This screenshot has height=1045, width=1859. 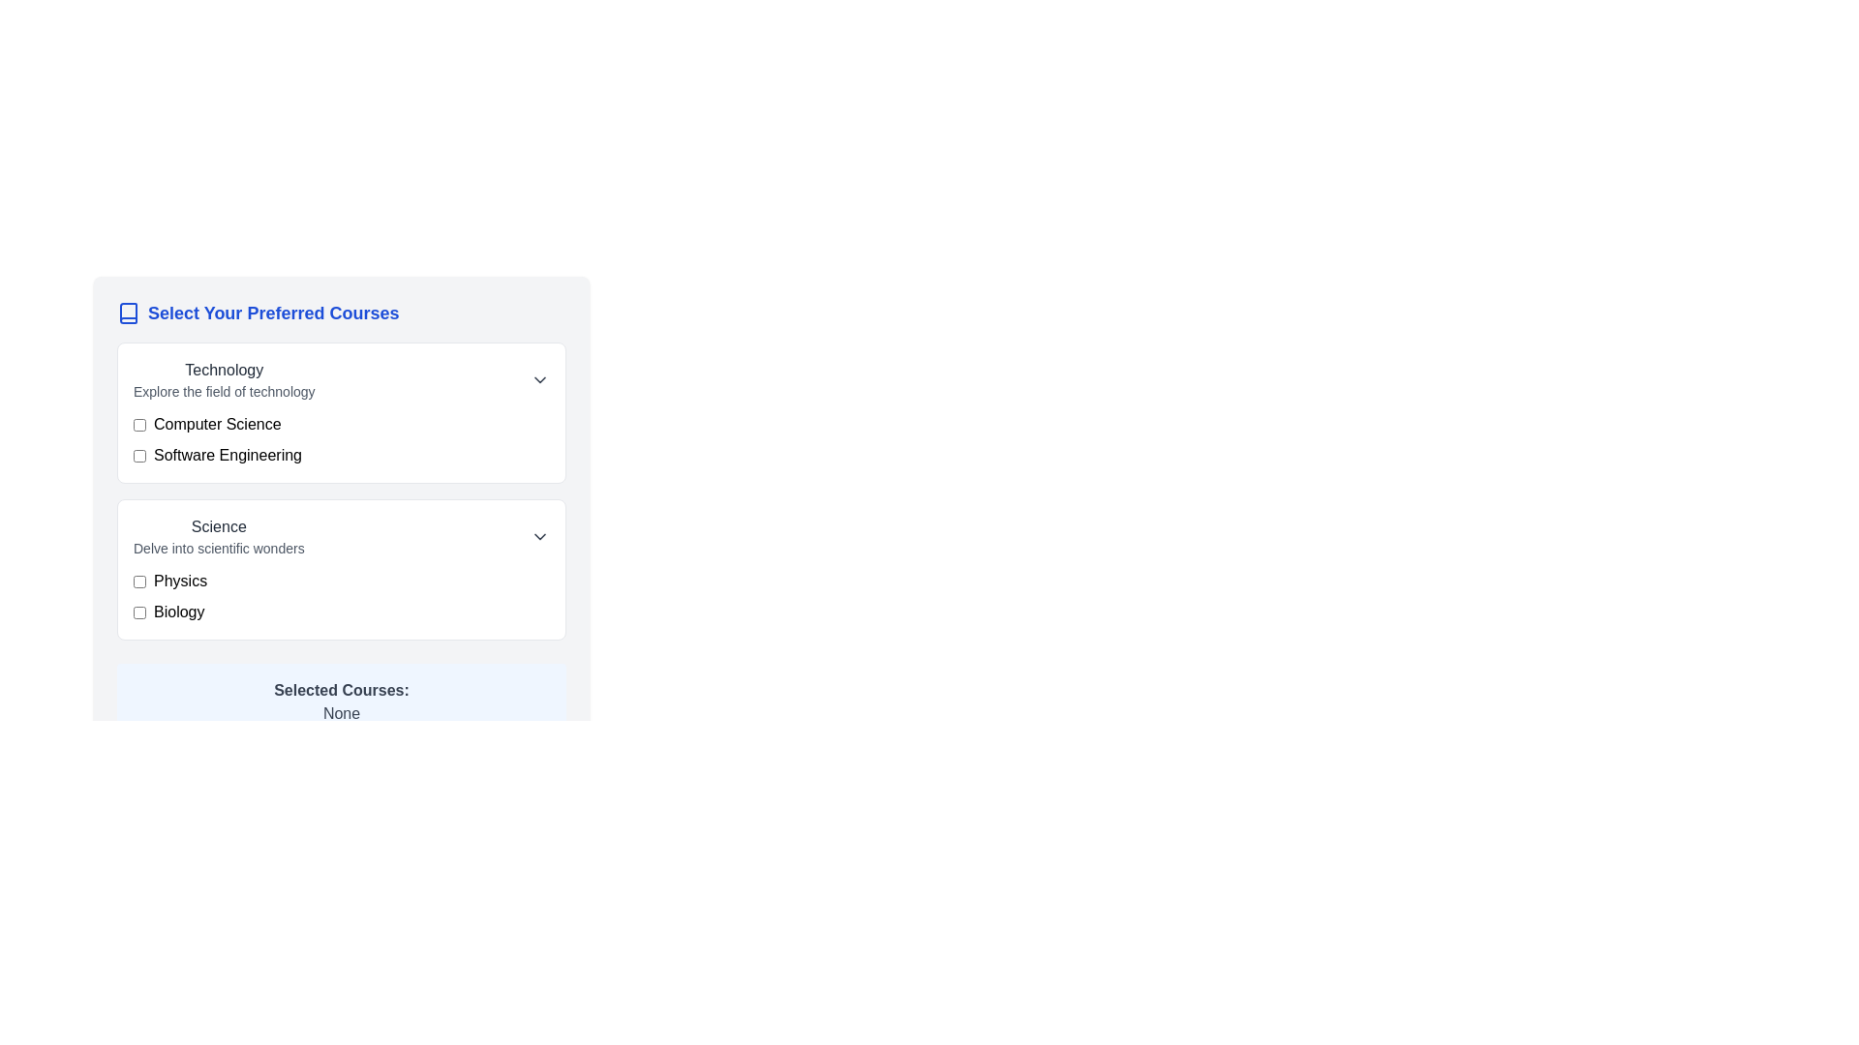 I want to click on the descriptive text label located below the 'Technology' heading, which provides context for this category, so click(x=224, y=392).